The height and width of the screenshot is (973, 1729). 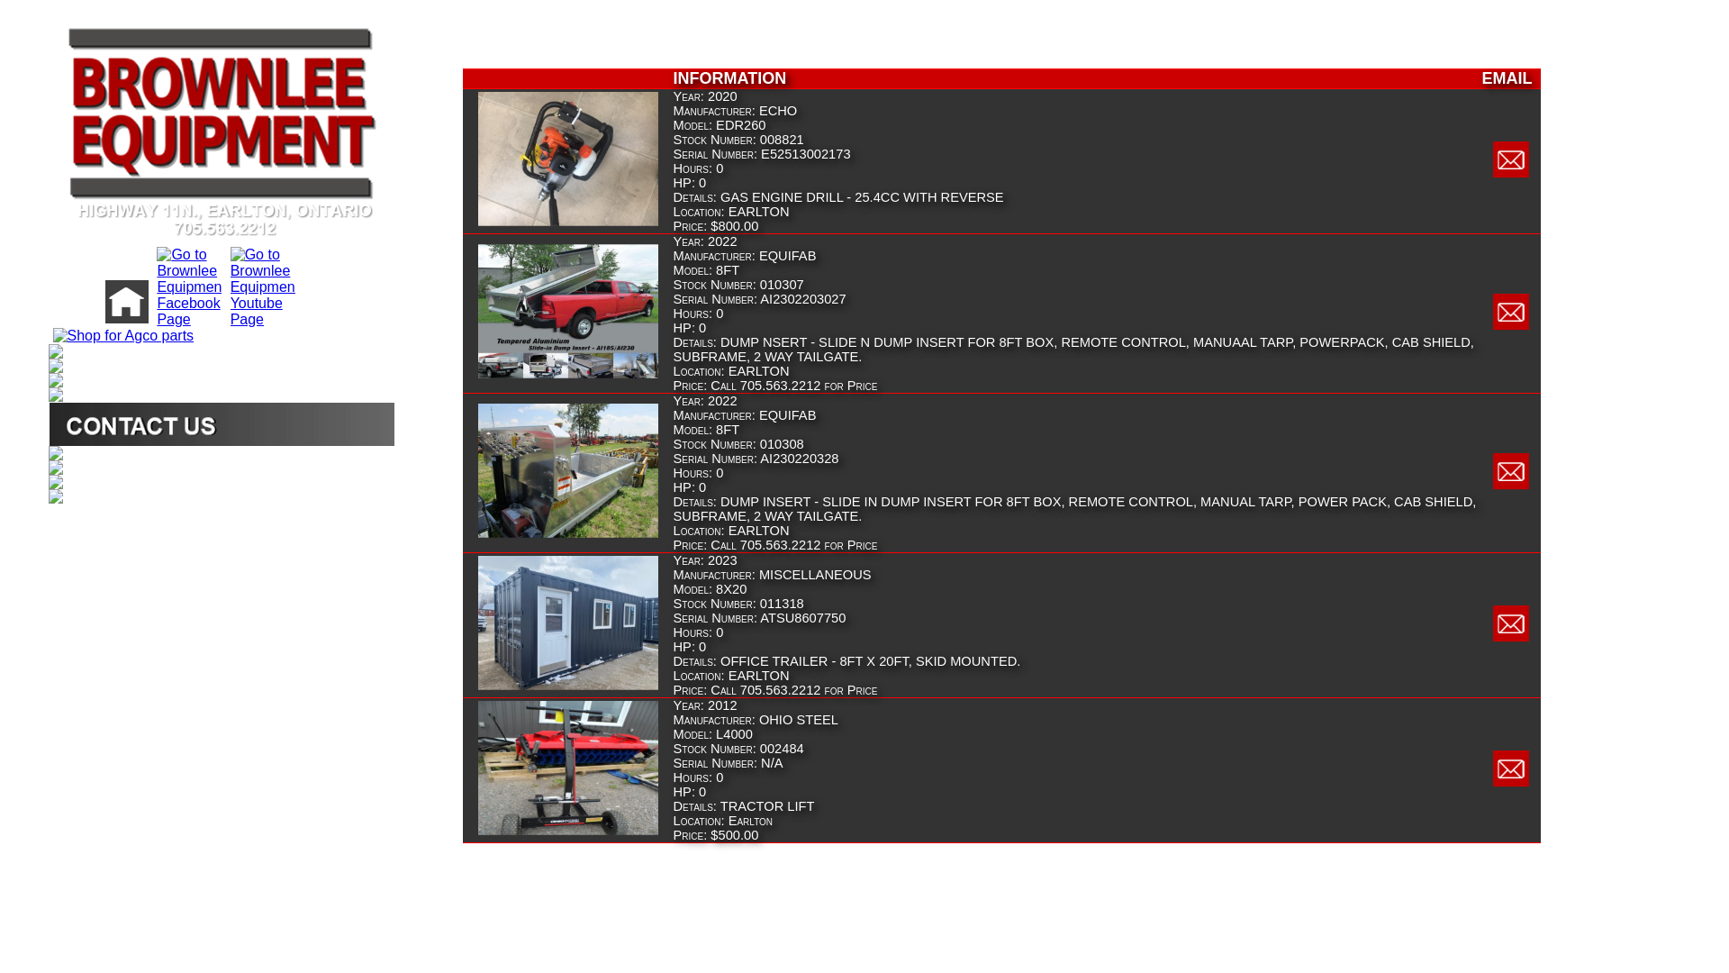 I want to click on 'Brownlee Equipment Rental Catalogue', so click(x=48, y=451).